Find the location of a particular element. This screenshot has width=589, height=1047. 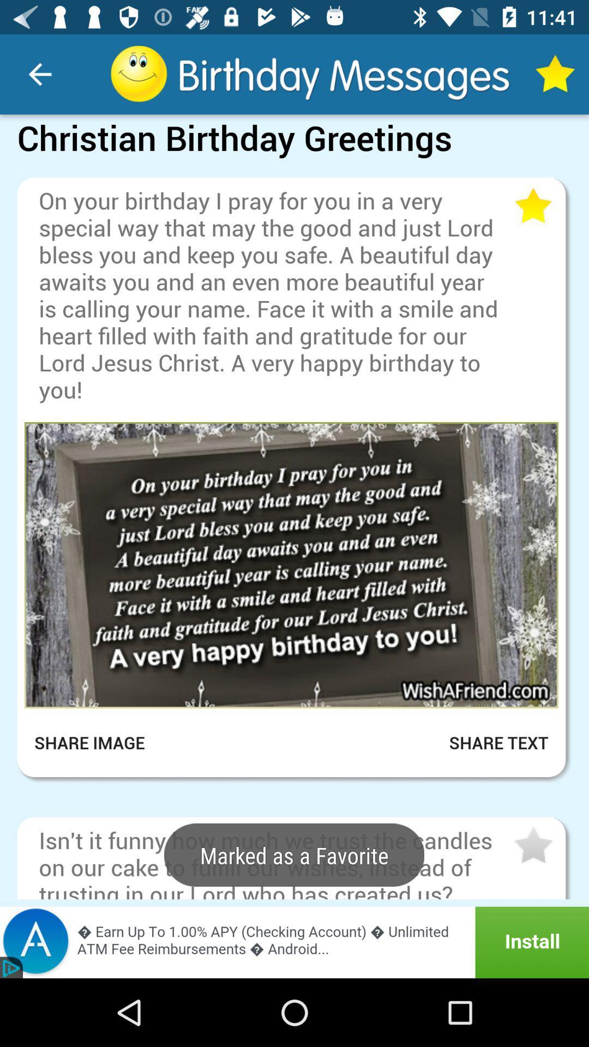

item at the bottom left corner is located at coordinates (97, 742).